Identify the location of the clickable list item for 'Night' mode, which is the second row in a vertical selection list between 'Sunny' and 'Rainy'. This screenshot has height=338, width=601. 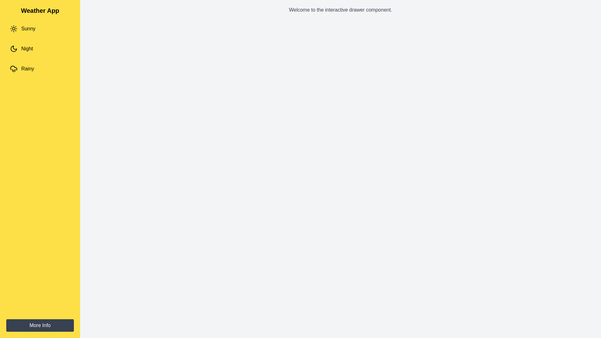
(40, 48).